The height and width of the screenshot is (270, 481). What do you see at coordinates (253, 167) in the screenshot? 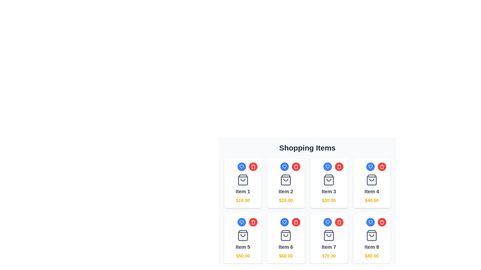
I see `the delete button for 'Item 1'` at bounding box center [253, 167].